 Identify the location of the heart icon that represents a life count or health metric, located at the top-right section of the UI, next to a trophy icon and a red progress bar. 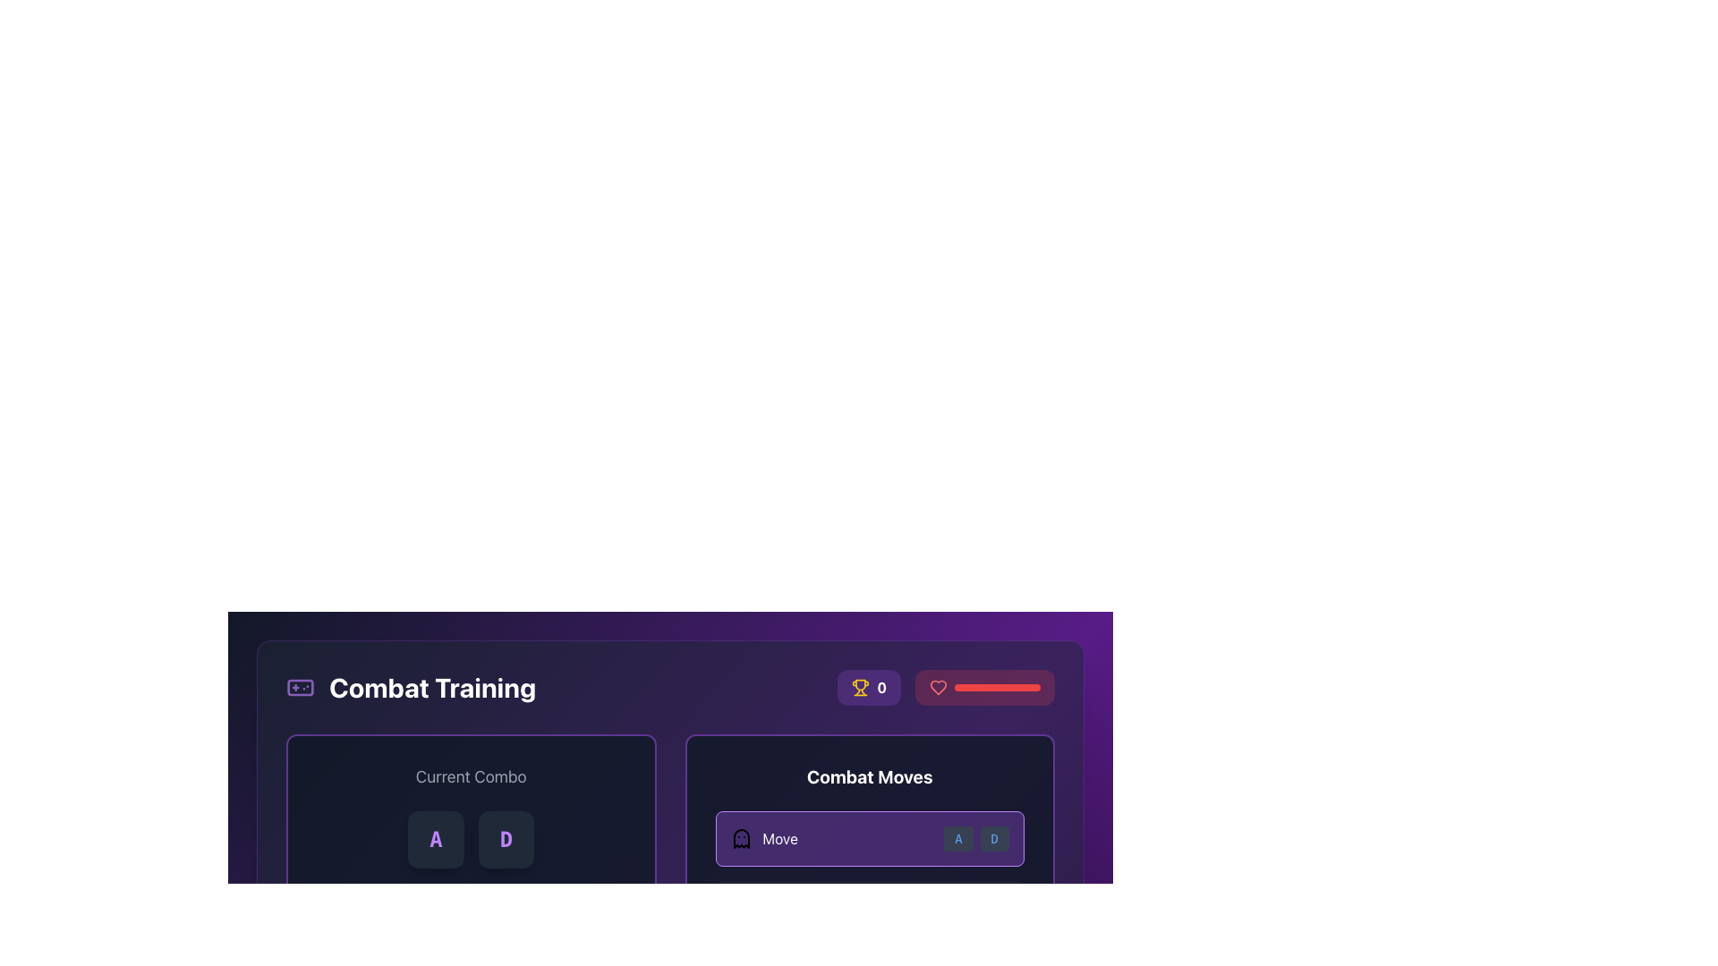
(938, 686).